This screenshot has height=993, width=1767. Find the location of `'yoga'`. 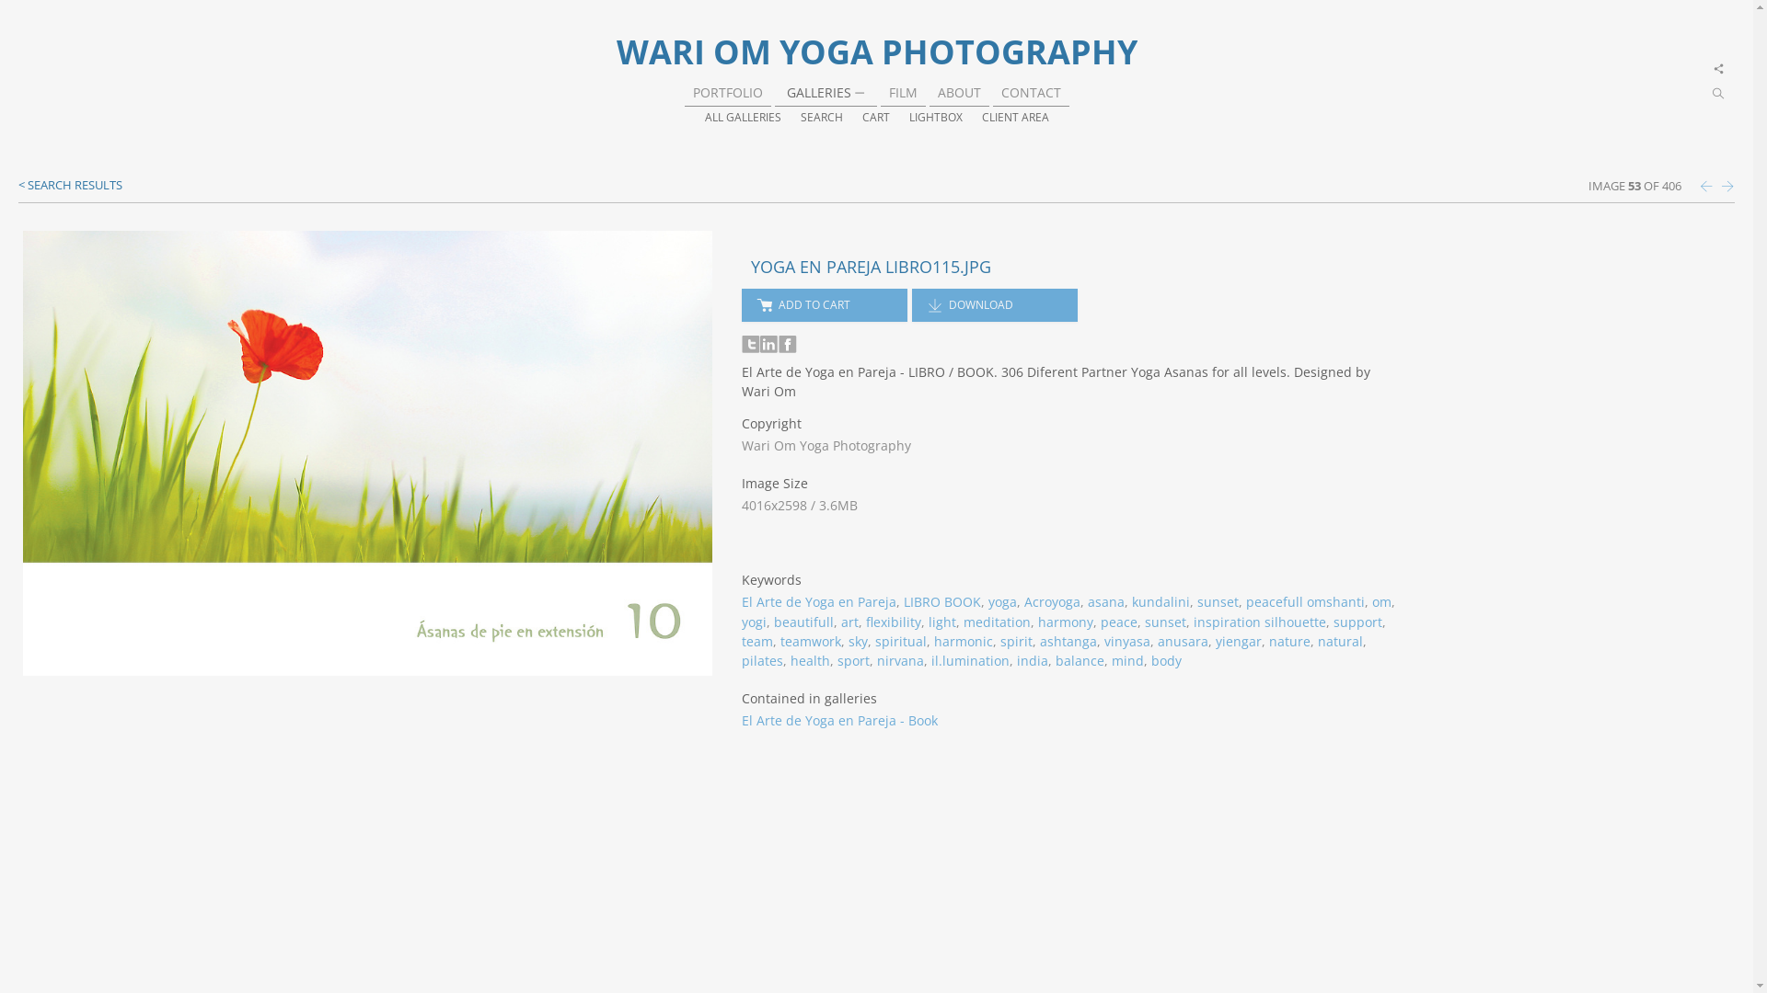

'yoga' is located at coordinates (1001, 601).